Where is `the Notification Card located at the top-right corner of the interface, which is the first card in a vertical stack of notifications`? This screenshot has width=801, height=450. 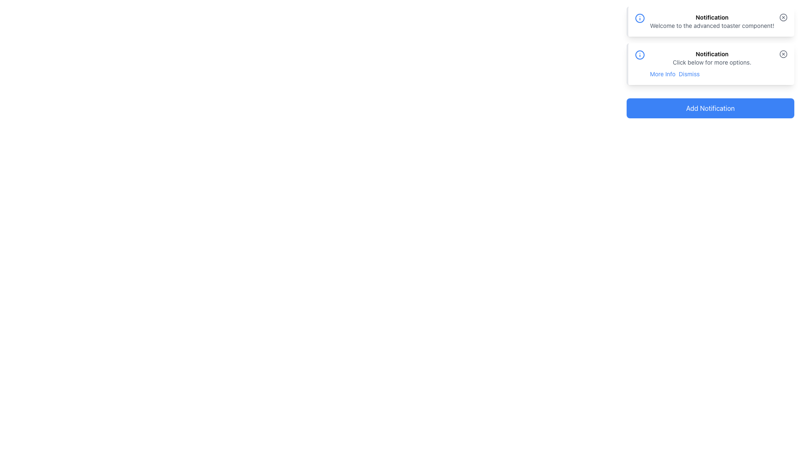
the Notification Card located at the top-right corner of the interface, which is the first card in a vertical stack of notifications is located at coordinates (710, 21).